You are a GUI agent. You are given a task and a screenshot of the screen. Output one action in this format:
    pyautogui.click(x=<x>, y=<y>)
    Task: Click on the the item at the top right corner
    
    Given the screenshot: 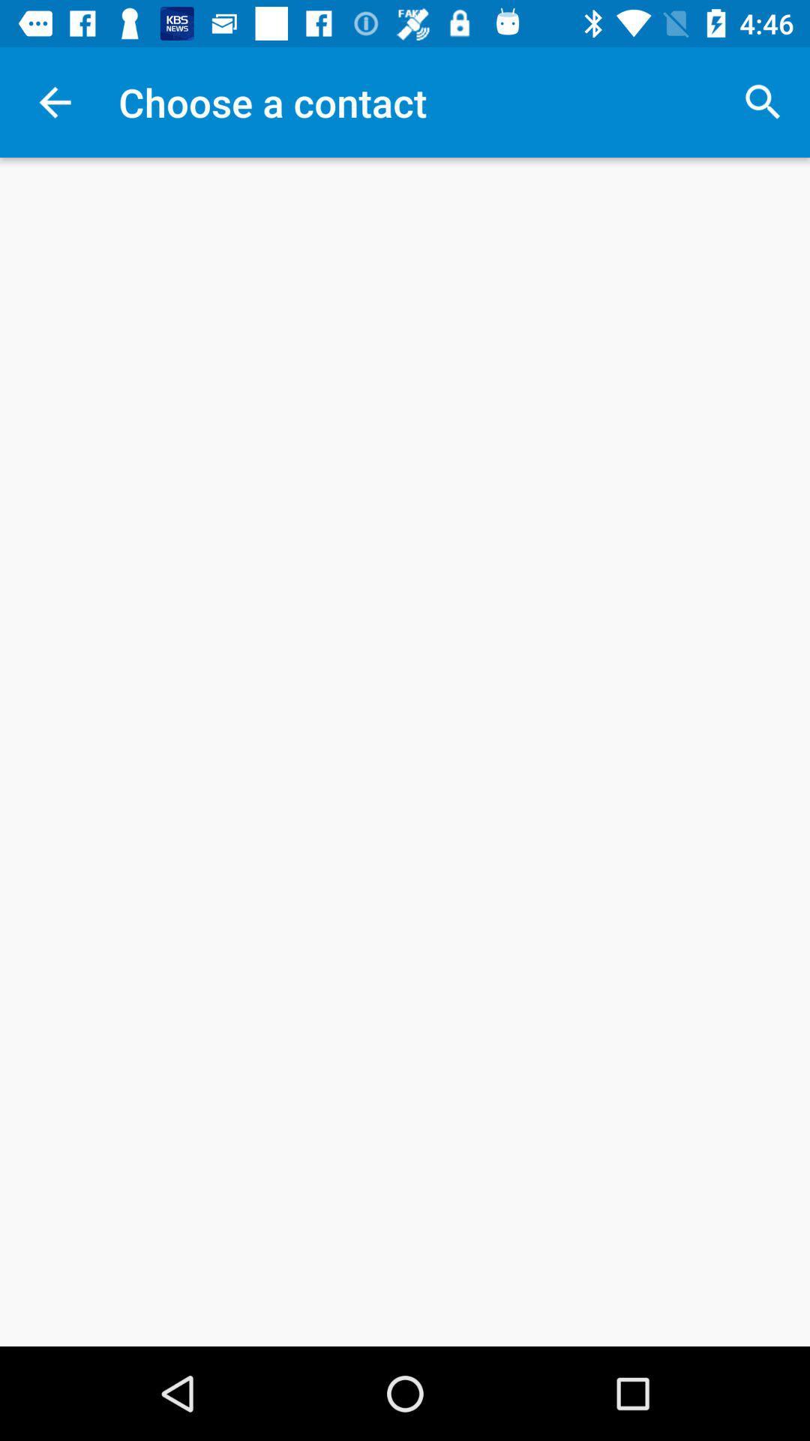 What is the action you would take?
    pyautogui.click(x=763, y=101)
    